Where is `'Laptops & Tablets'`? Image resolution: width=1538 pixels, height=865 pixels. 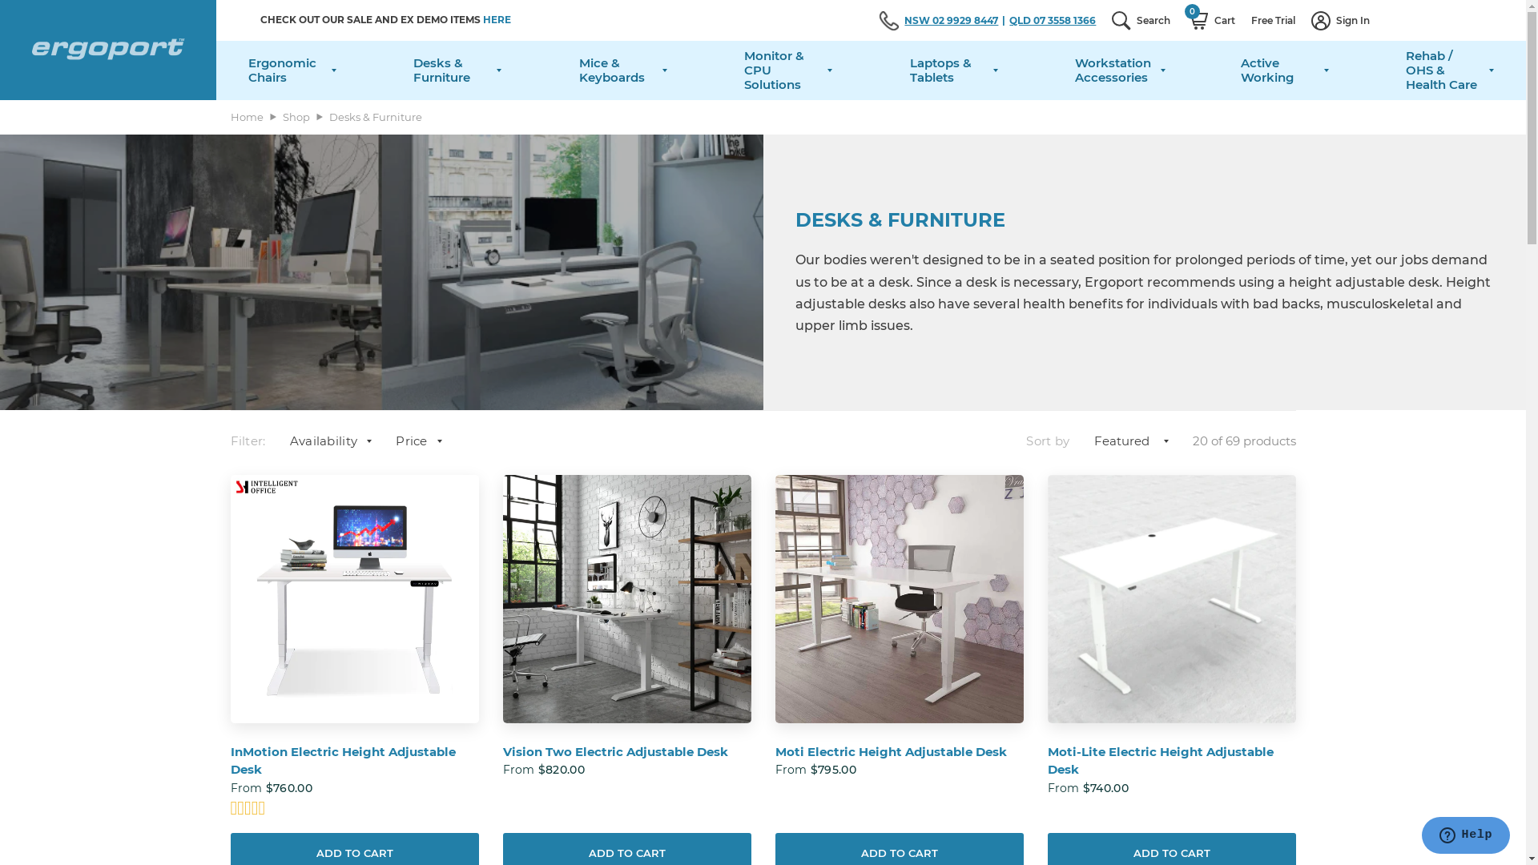 'Laptops & Tablets' is located at coordinates (953, 70).